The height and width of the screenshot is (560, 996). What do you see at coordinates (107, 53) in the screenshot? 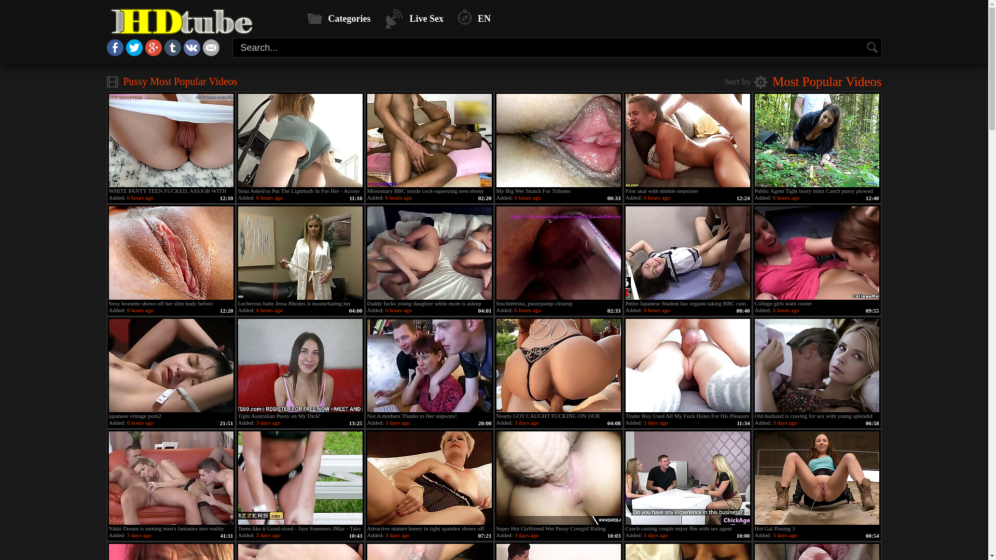
I see `'Share on Facebook'` at bounding box center [107, 53].